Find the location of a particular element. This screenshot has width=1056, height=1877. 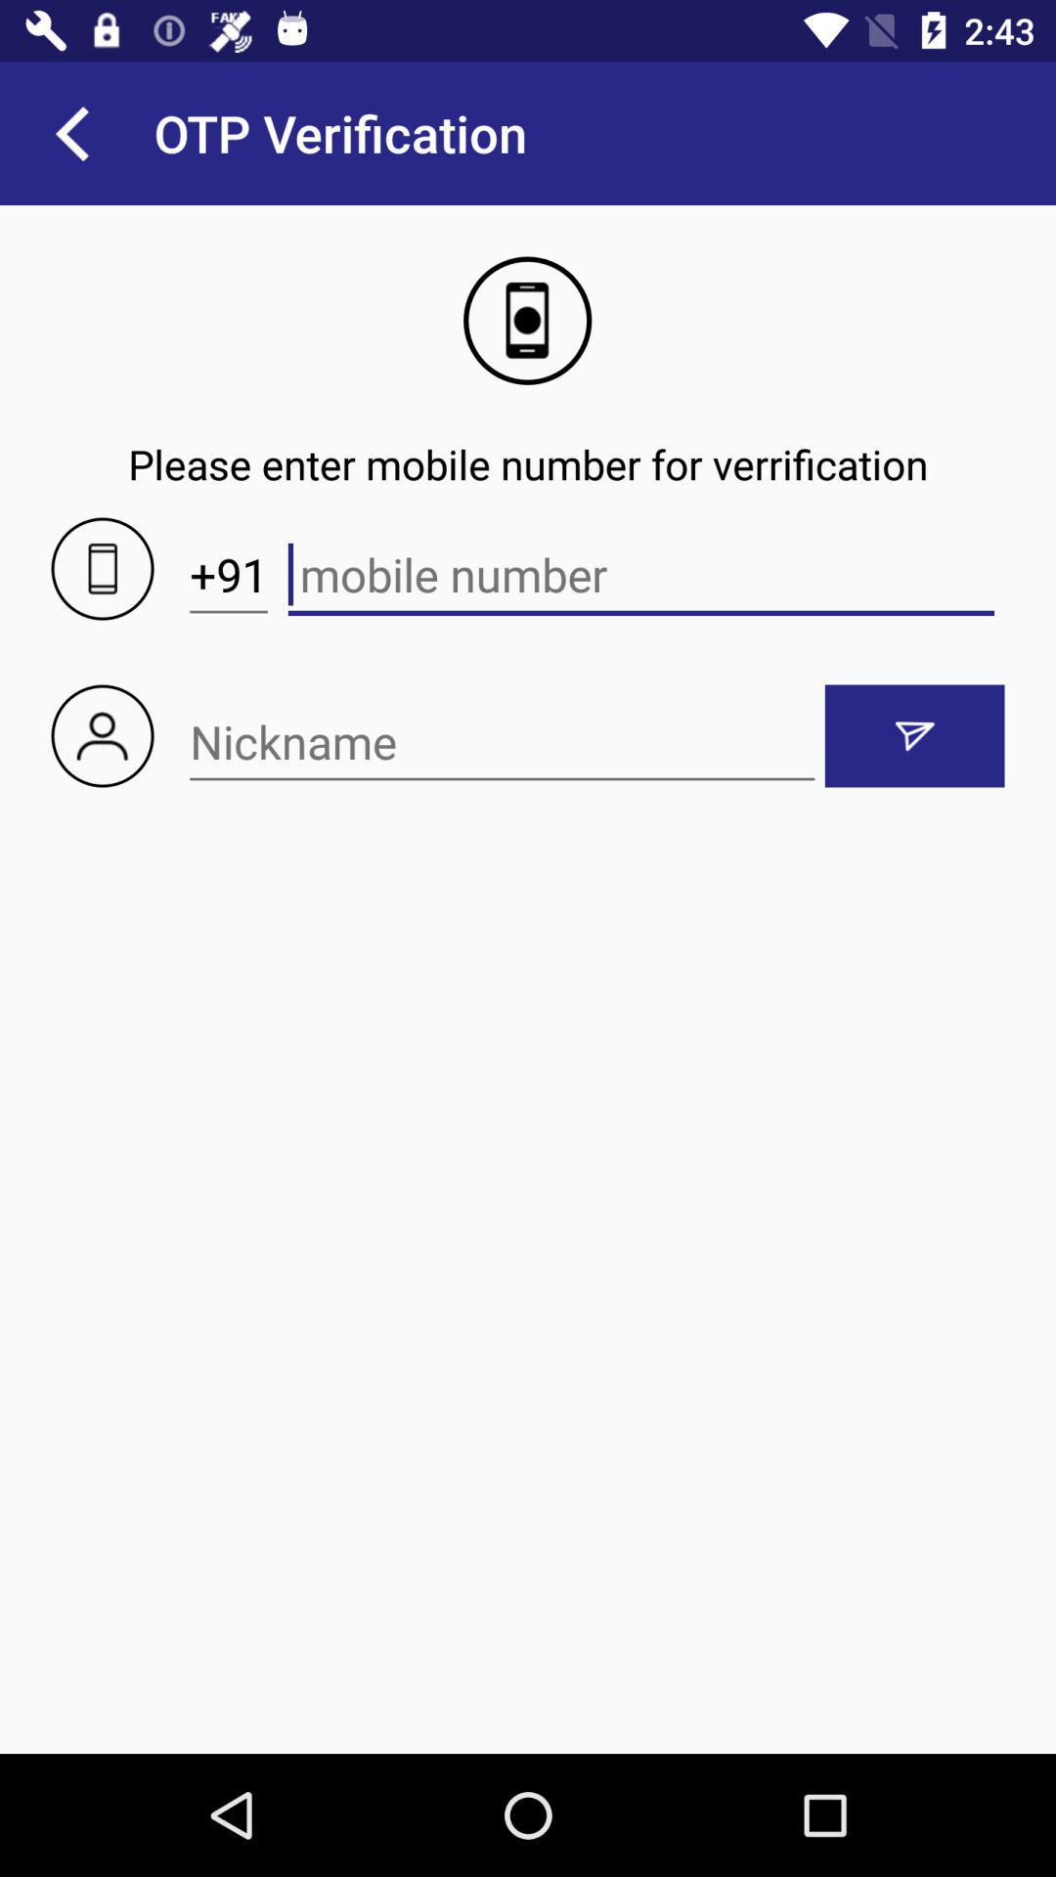

item above the please enter mobile is located at coordinates (70, 132).